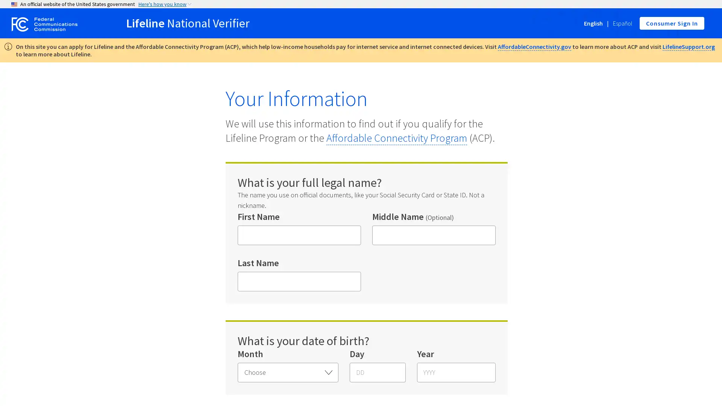  I want to click on English, so click(593, 23).